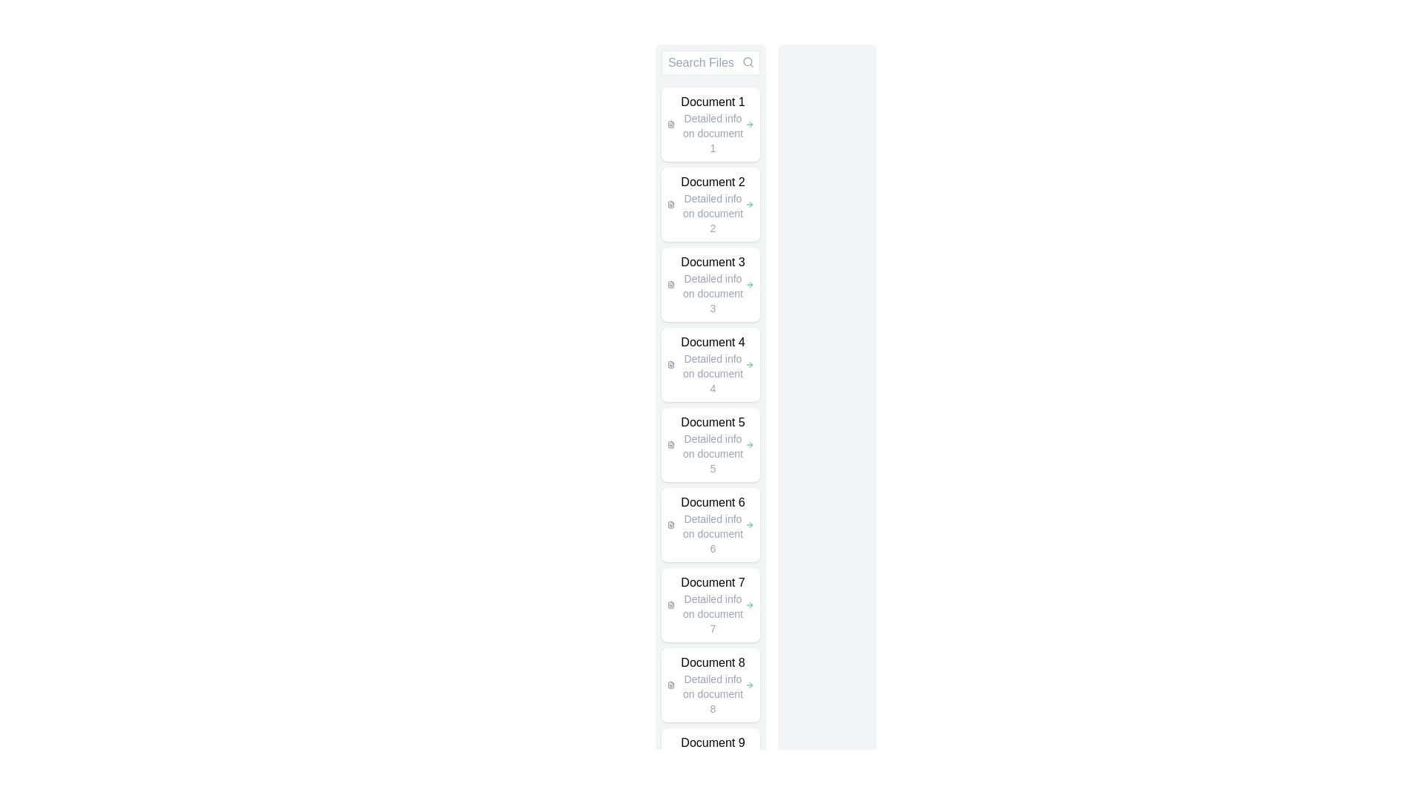  What do you see at coordinates (710, 524) in the screenshot?
I see `the List item labeled 'Document 6'` at bounding box center [710, 524].